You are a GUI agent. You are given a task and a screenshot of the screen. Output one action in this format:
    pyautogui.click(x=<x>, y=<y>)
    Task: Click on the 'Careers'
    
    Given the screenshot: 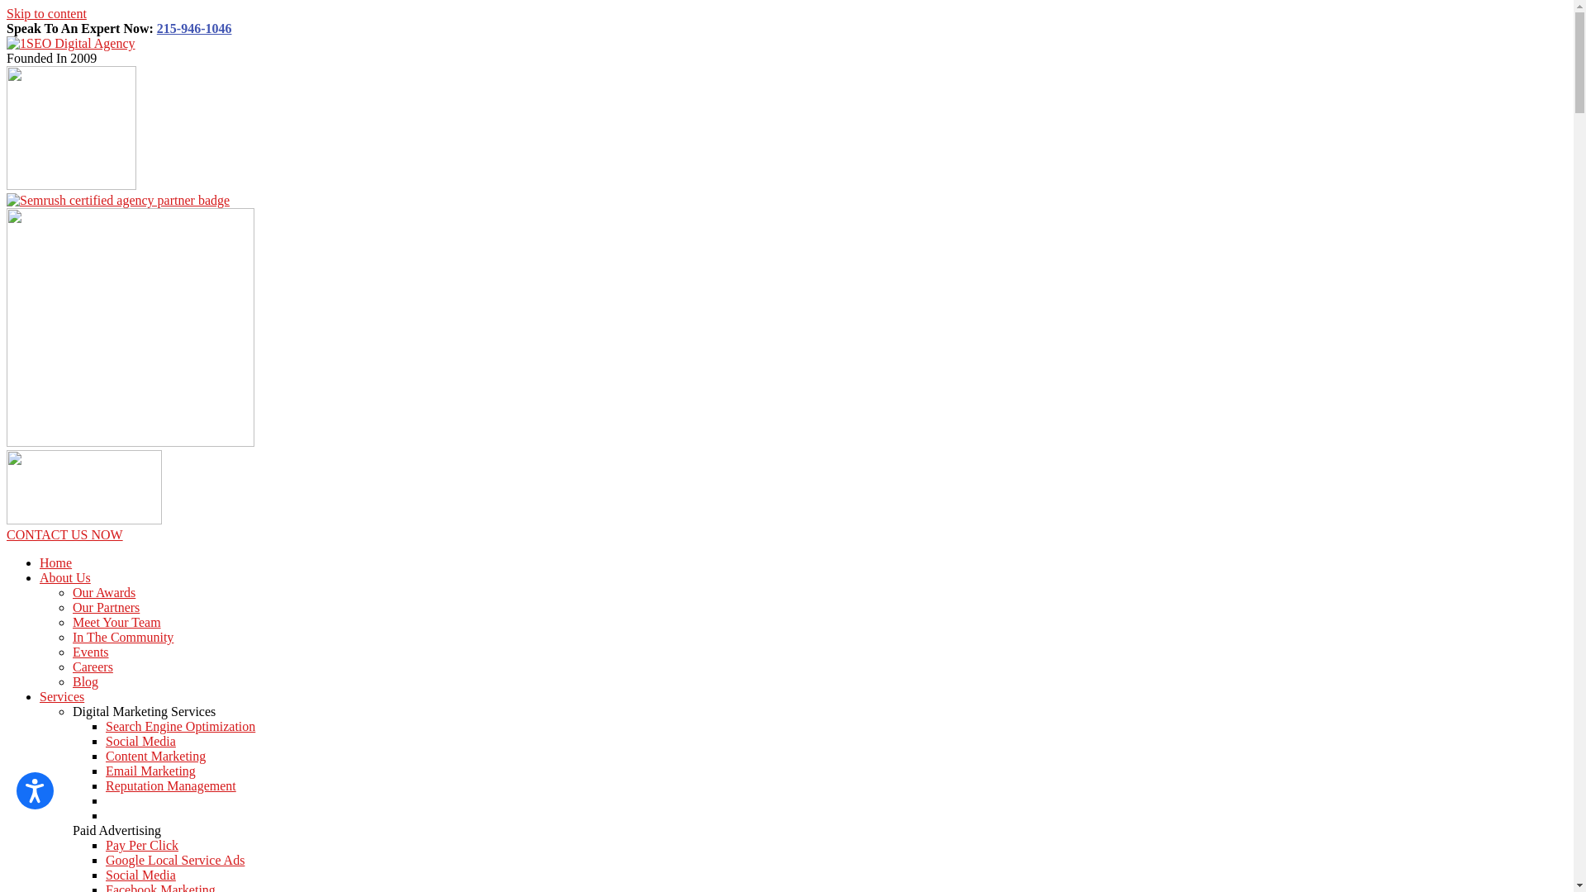 What is the action you would take?
    pyautogui.click(x=92, y=666)
    